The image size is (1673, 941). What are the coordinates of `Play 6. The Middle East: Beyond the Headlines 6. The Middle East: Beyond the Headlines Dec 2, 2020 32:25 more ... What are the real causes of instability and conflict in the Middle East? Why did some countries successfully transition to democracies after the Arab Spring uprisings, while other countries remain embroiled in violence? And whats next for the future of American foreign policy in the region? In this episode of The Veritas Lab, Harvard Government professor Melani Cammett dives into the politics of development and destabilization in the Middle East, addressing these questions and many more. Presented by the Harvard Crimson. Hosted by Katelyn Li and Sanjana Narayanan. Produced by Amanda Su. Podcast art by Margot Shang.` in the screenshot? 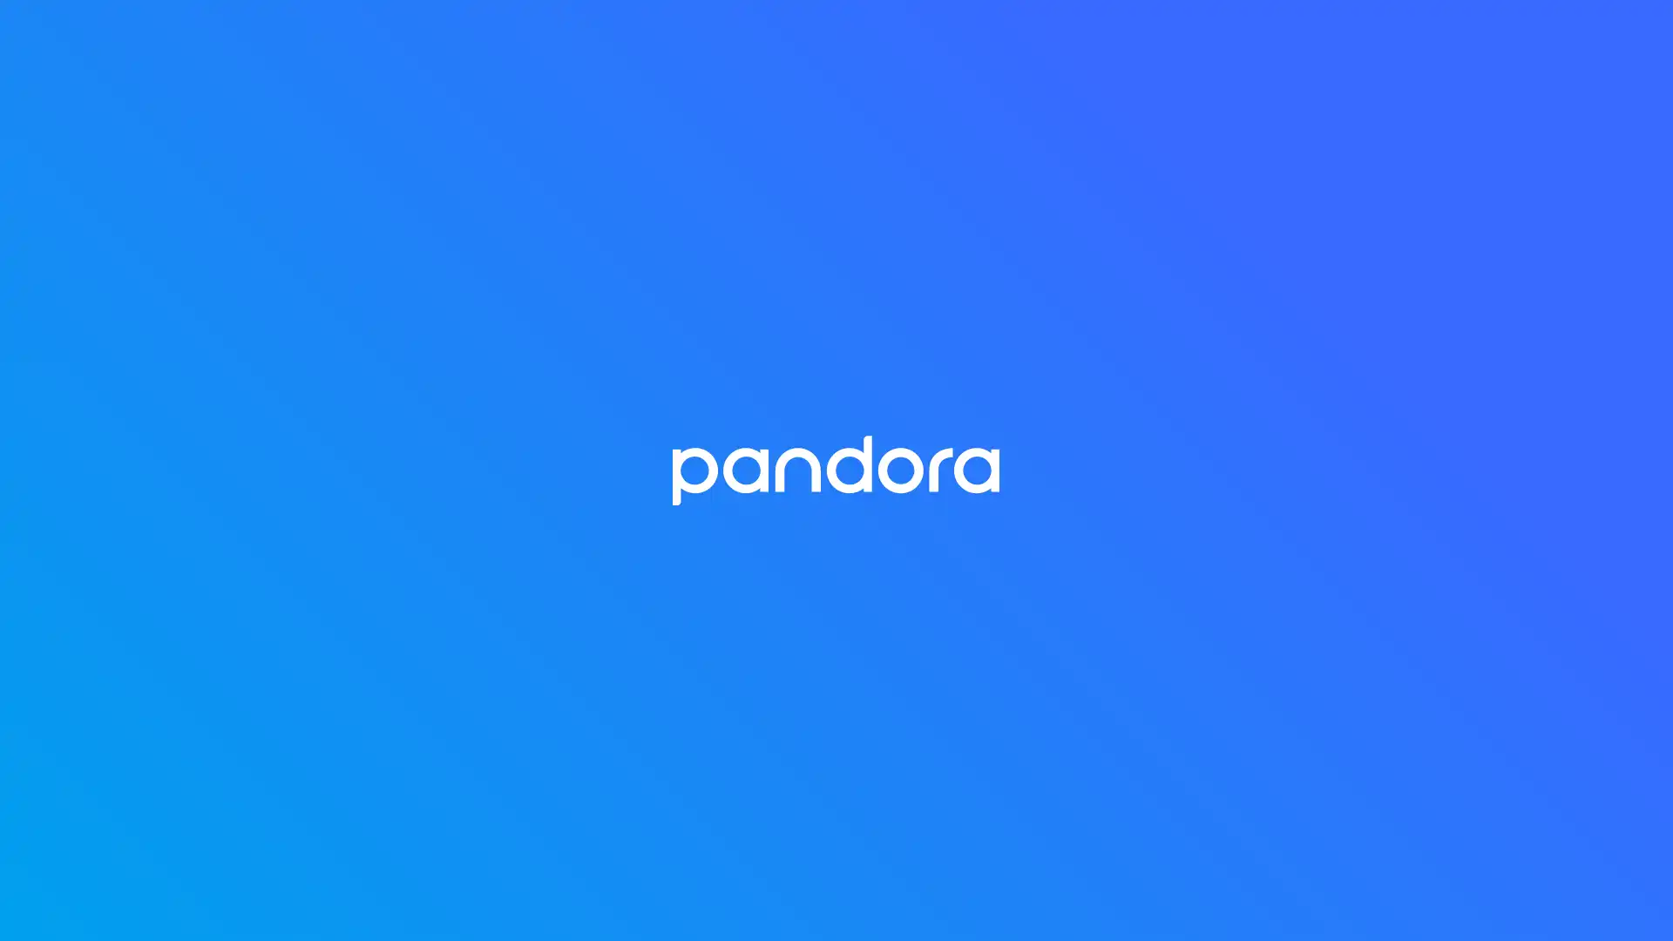 It's located at (1120, 601).